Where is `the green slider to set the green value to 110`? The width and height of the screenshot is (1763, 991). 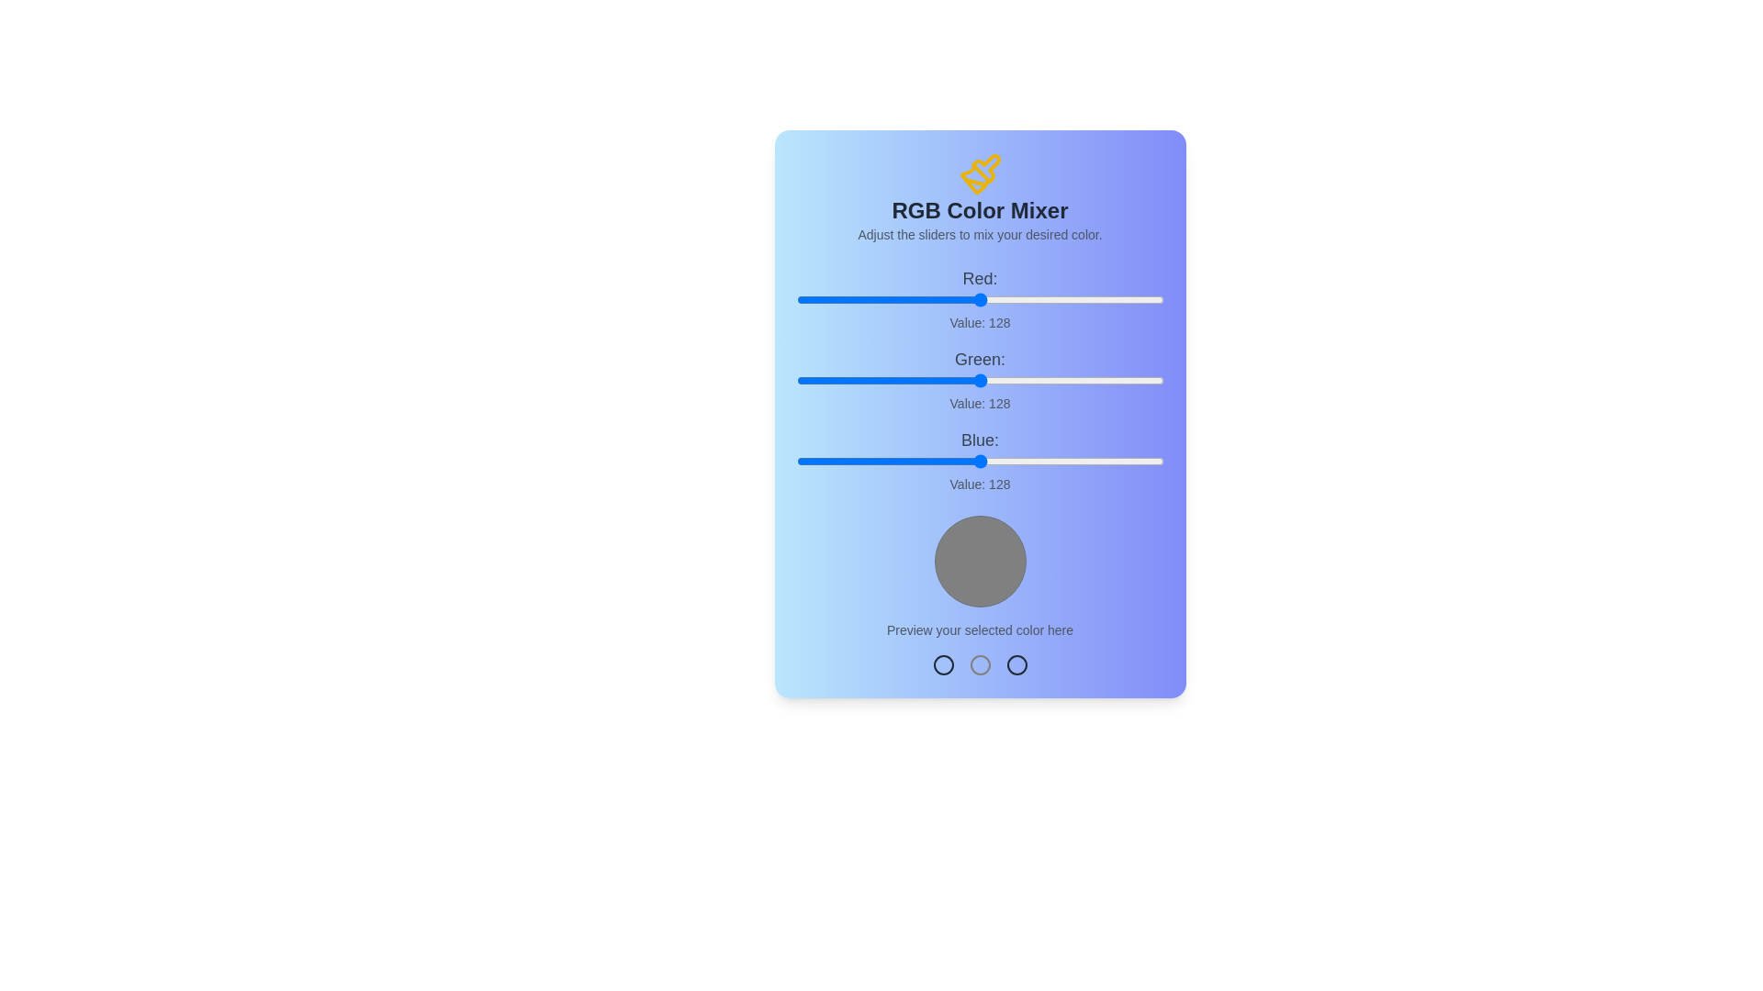 the green slider to set the green value to 110 is located at coordinates (955, 380).